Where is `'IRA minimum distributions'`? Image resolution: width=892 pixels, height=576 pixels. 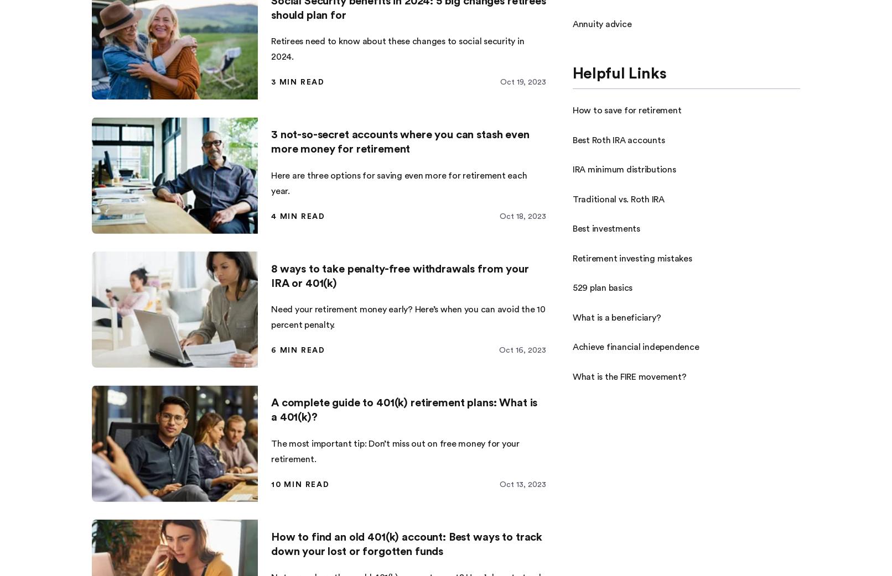 'IRA minimum distributions' is located at coordinates (624, 169).